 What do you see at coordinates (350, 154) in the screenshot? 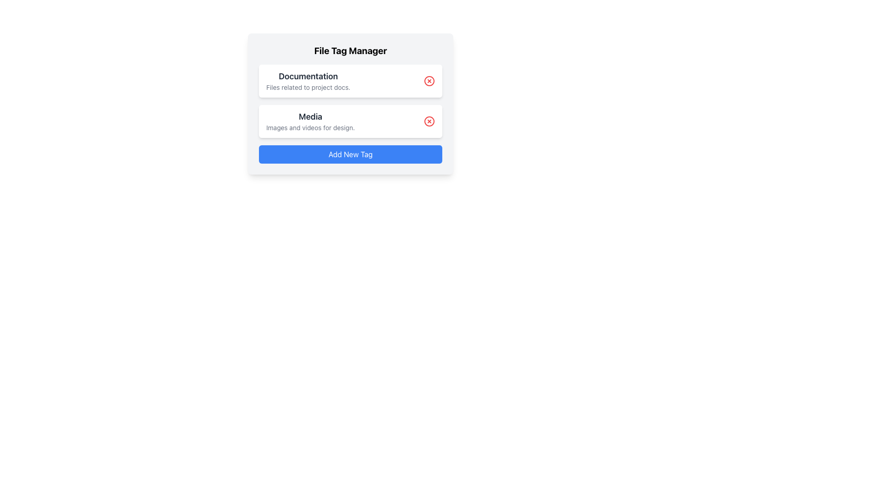
I see `the 'Add Tag' button located at the bottom of the 'File Tag Manager' panel` at bounding box center [350, 154].